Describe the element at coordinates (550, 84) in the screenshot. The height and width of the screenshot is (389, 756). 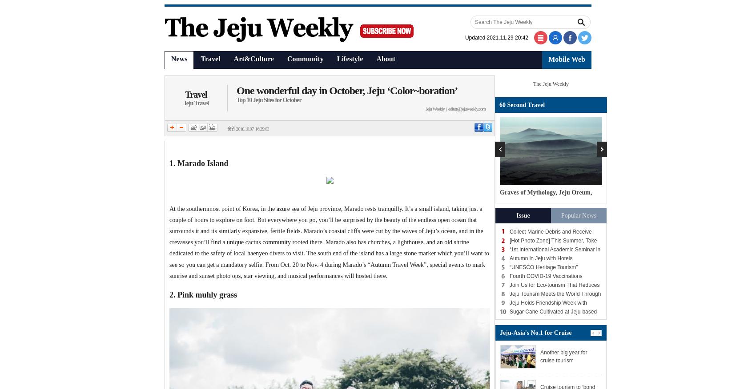
I see `'The Jeju Weekly'` at that location.